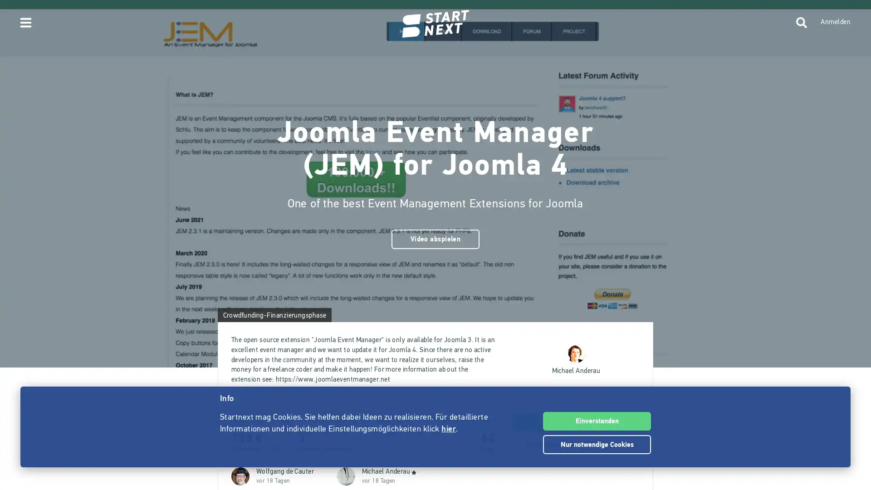 Image resolution: width=871 pixels, height=490 pixels. Describe the element at coordinates (597, 444) in the screenshot. I see `Nur notwendige Cookies` at that location.